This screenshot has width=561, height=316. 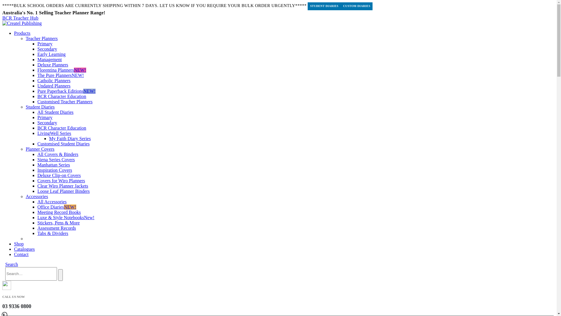 What do you see at coordinates (324, 6) in the screenshot?
I see `'STUDENT DIARIES'` at bounding box center [324, 6].